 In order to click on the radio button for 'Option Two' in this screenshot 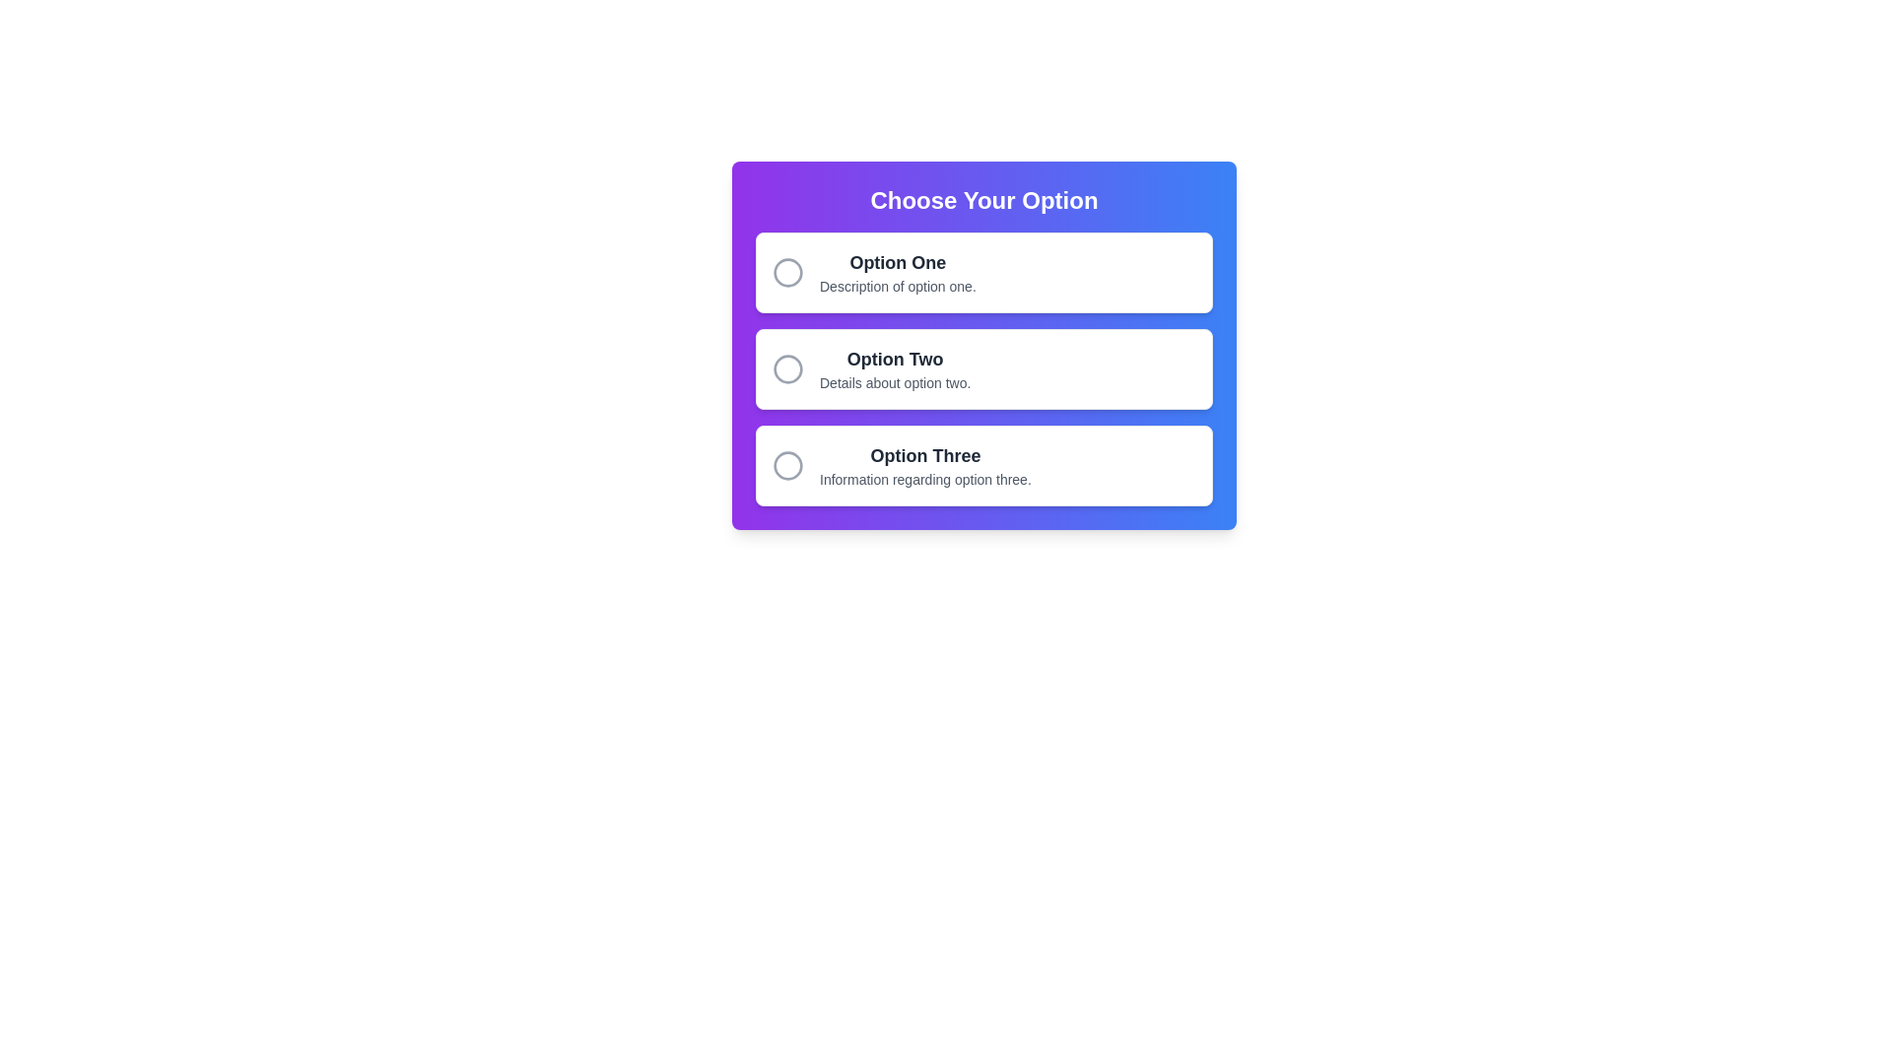, I will do `click(788, 368)`.